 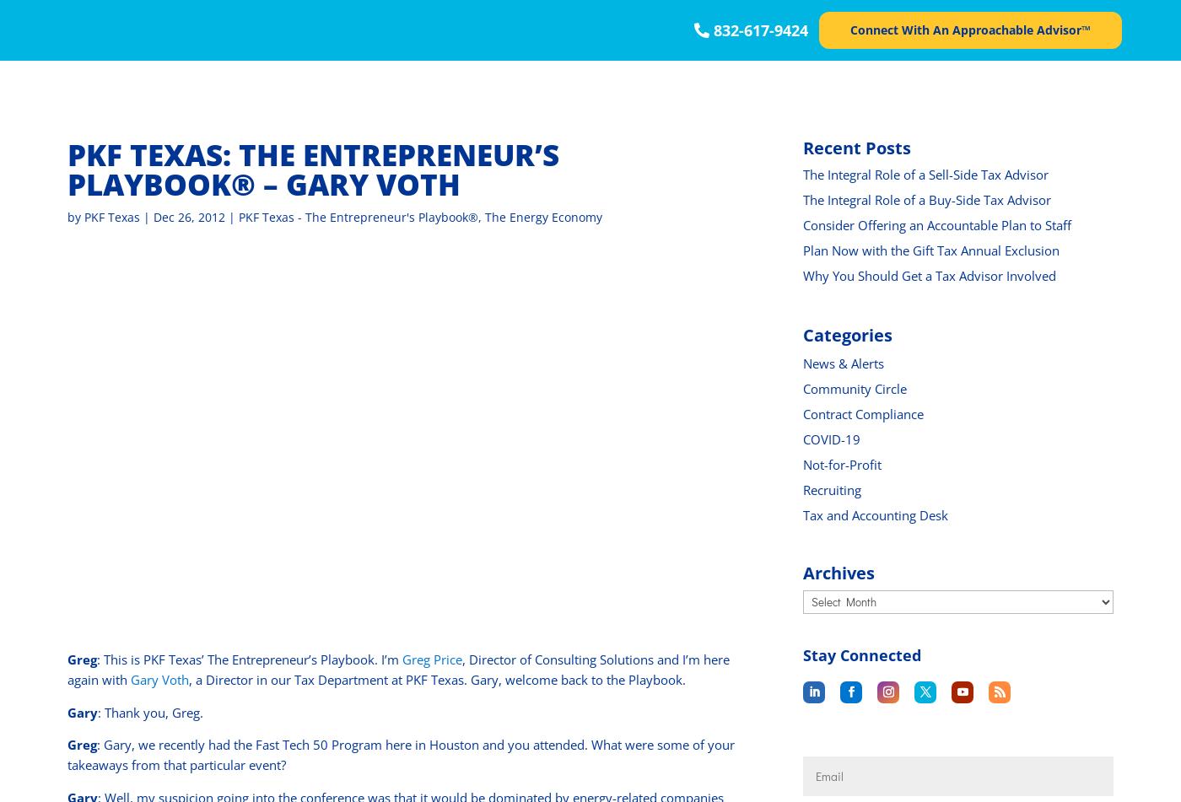 I want to click on ': This has been another Thought Leader Production, brought to you by PKF Texas’ The Entrepreneur’s Playbook. Tune in next week for another chapter and remember if you’re looking for more information on our capabilities in the energy field, go to www.pkftexas.com.', so click(x=405, y=77).